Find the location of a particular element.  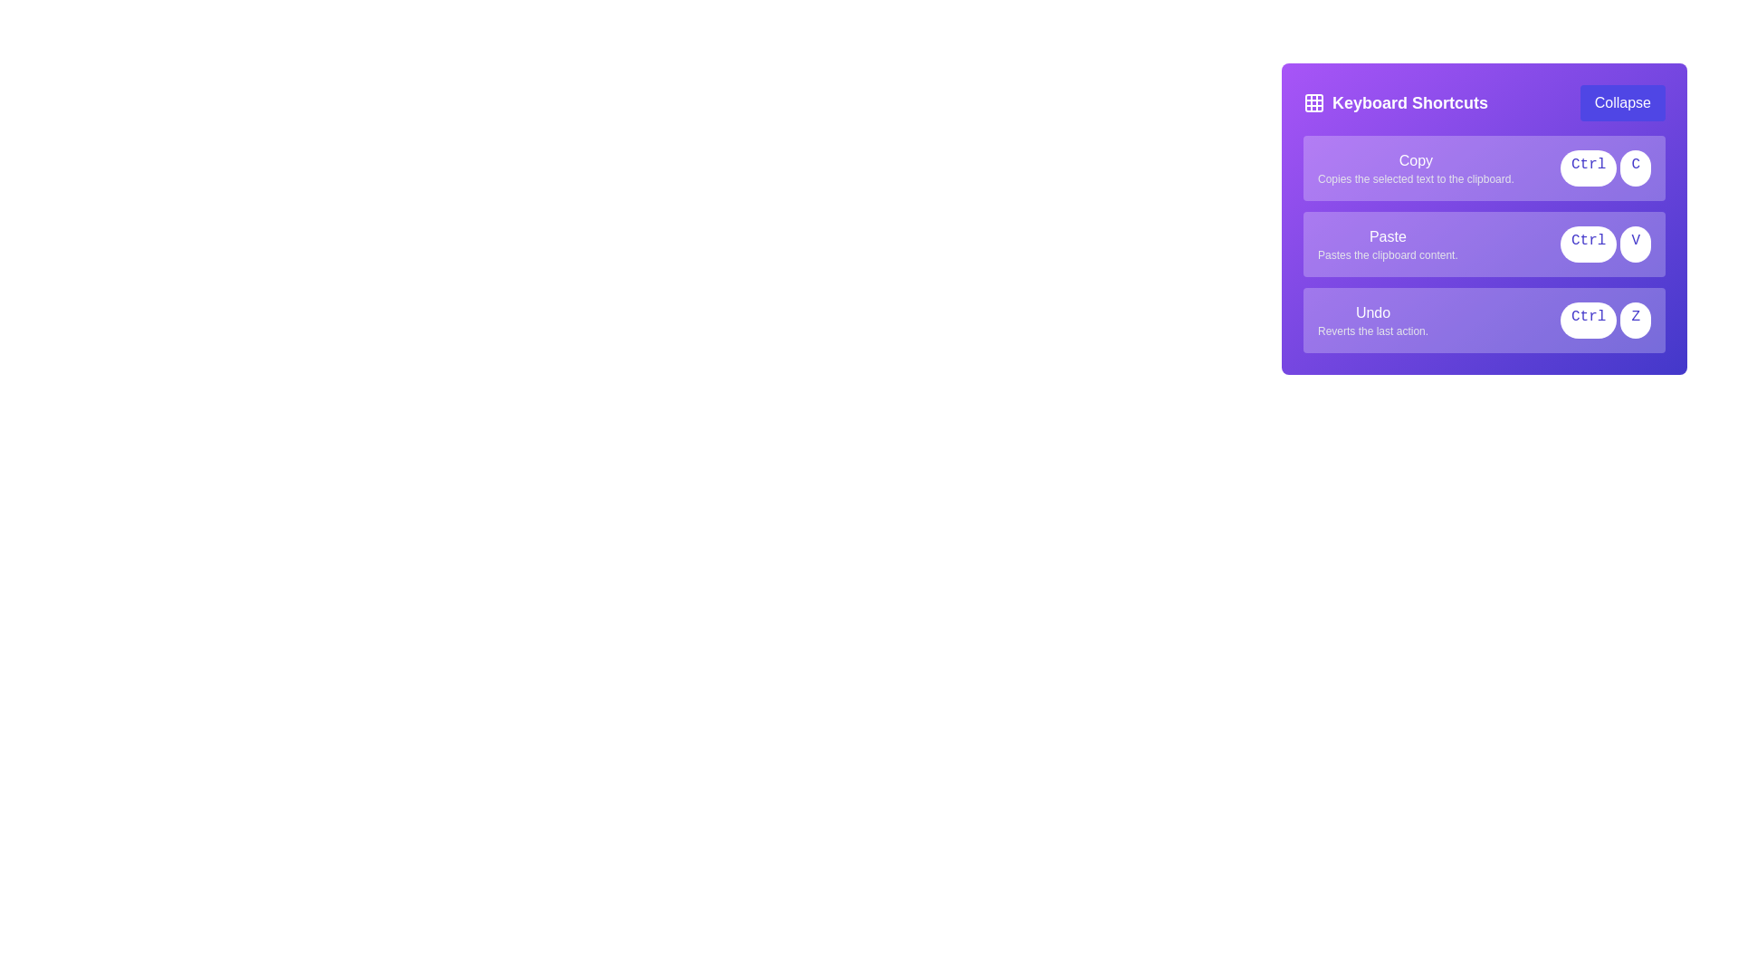

the rectangular button with a white background and a blue 'V' in the center, which is the second button in a horizontal sequence of keyboard shortcut buttons is located at coordinates (1636, 244).